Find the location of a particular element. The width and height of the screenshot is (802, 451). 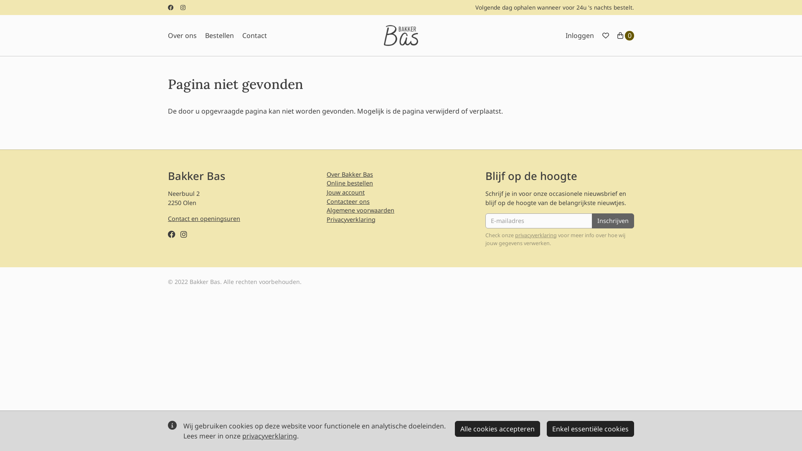

'Terug naar de startpagina' is located at coordinates (383, 35).